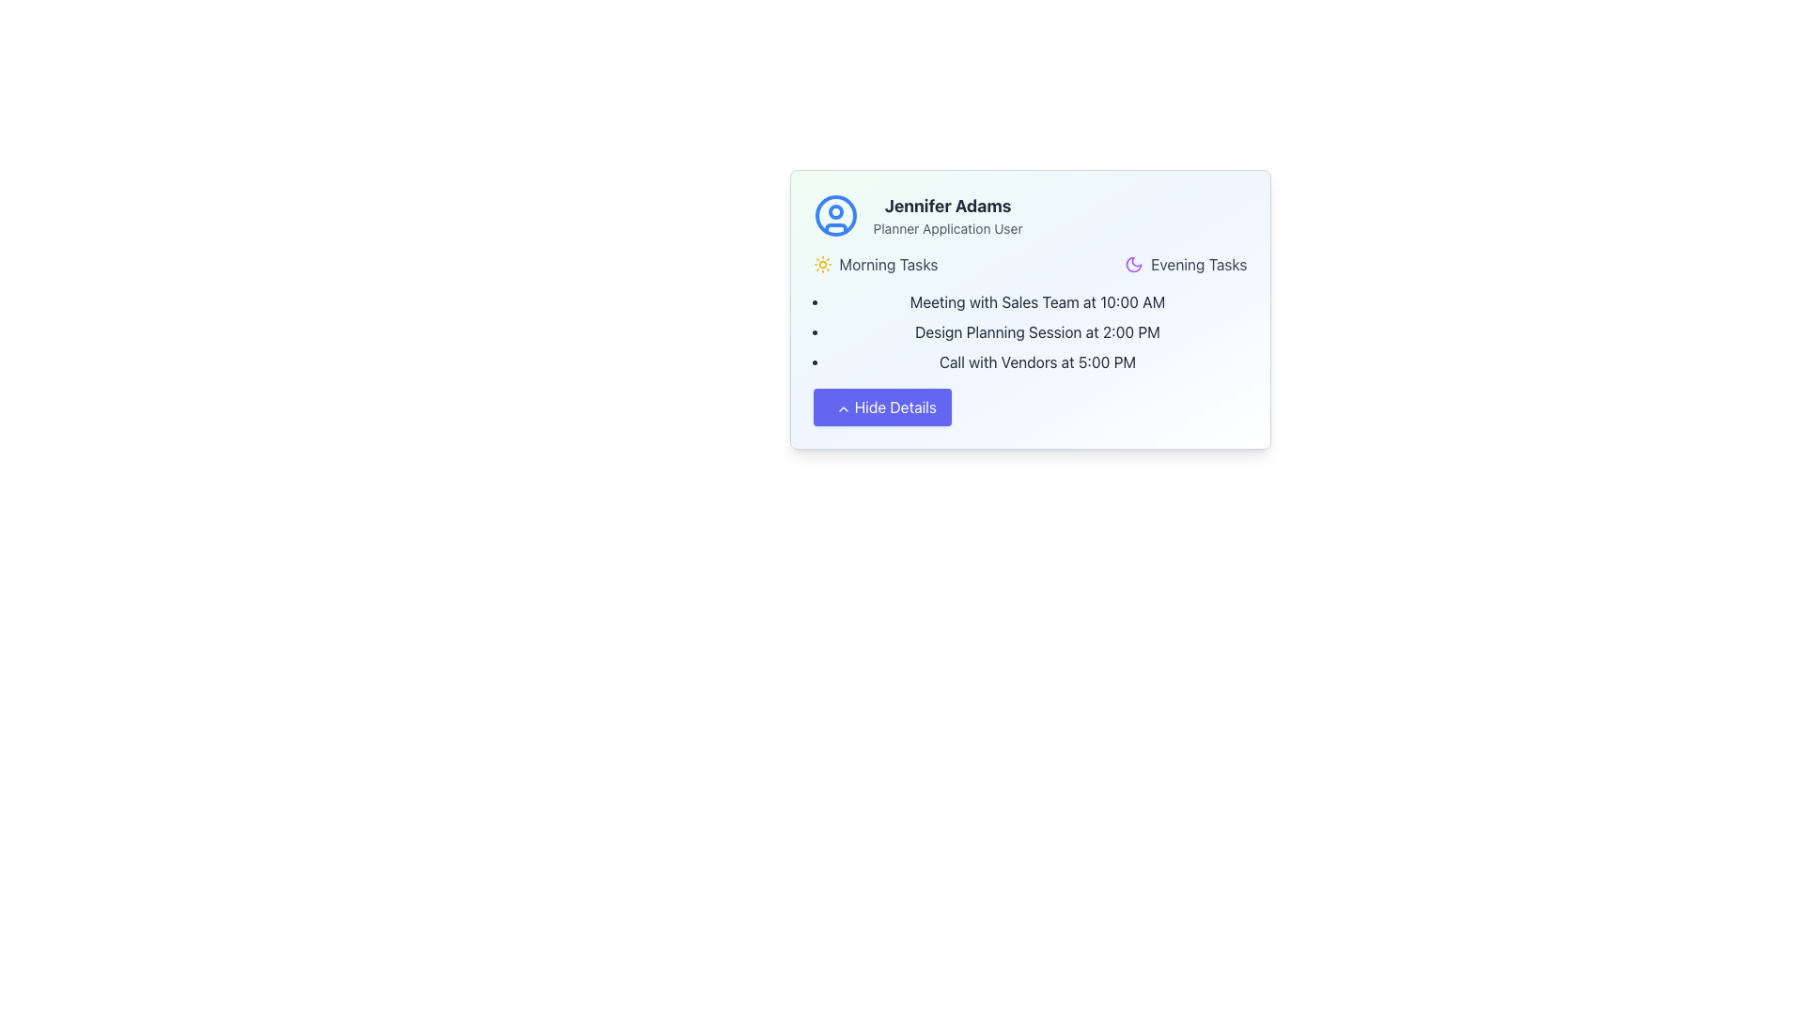  What do you see at coordinates (842, 407) in the screenshot?
I see `the 'Hide Details' button which contains the upward-facing chevron icon on its right side` at bounding box center [842, 407].